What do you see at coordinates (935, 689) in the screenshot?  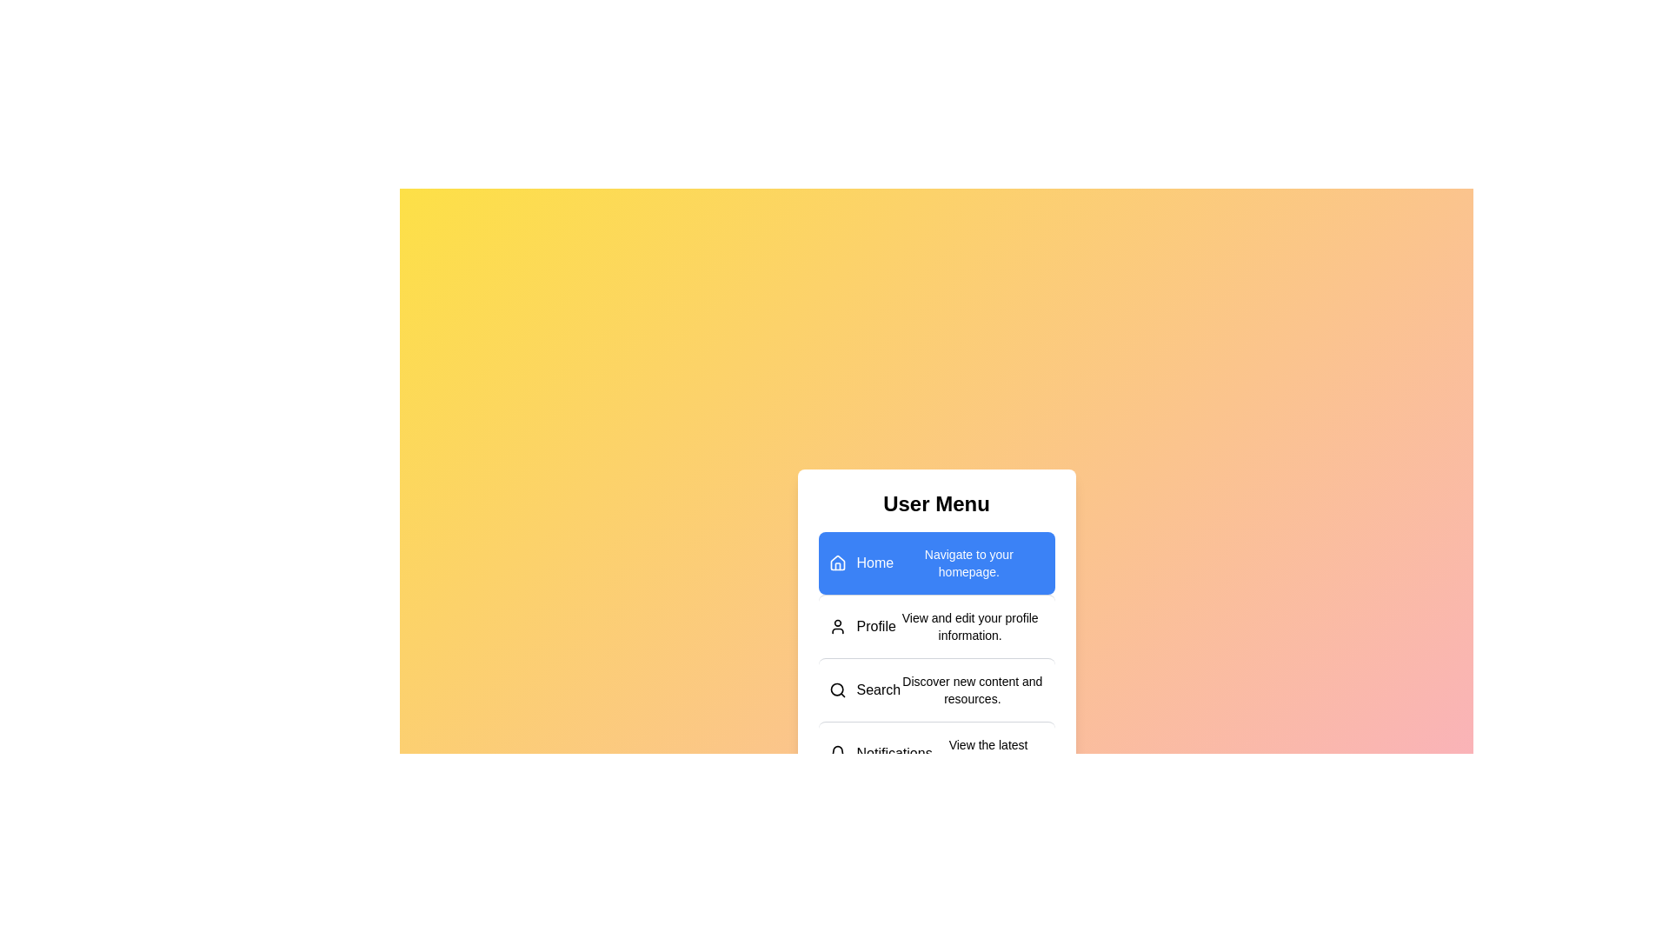 I see `the menu item labeled 'Search' to read its description` at bounding box center [935, 689].